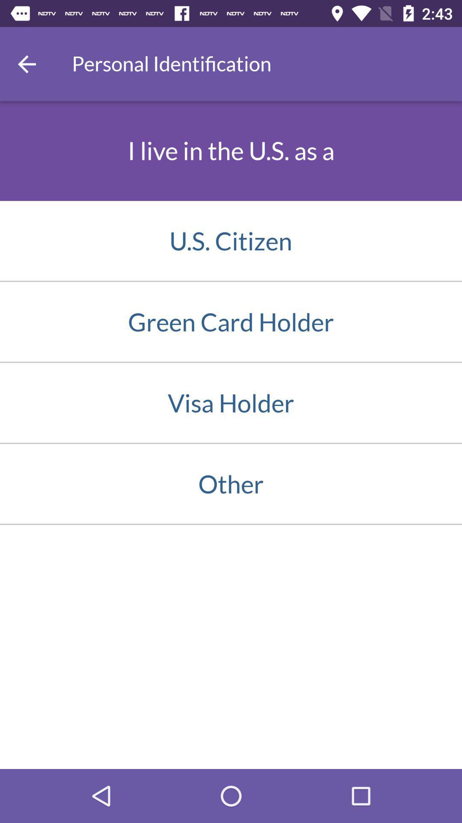  I want to click on icon next to personal identification icon, so click(26, 63).